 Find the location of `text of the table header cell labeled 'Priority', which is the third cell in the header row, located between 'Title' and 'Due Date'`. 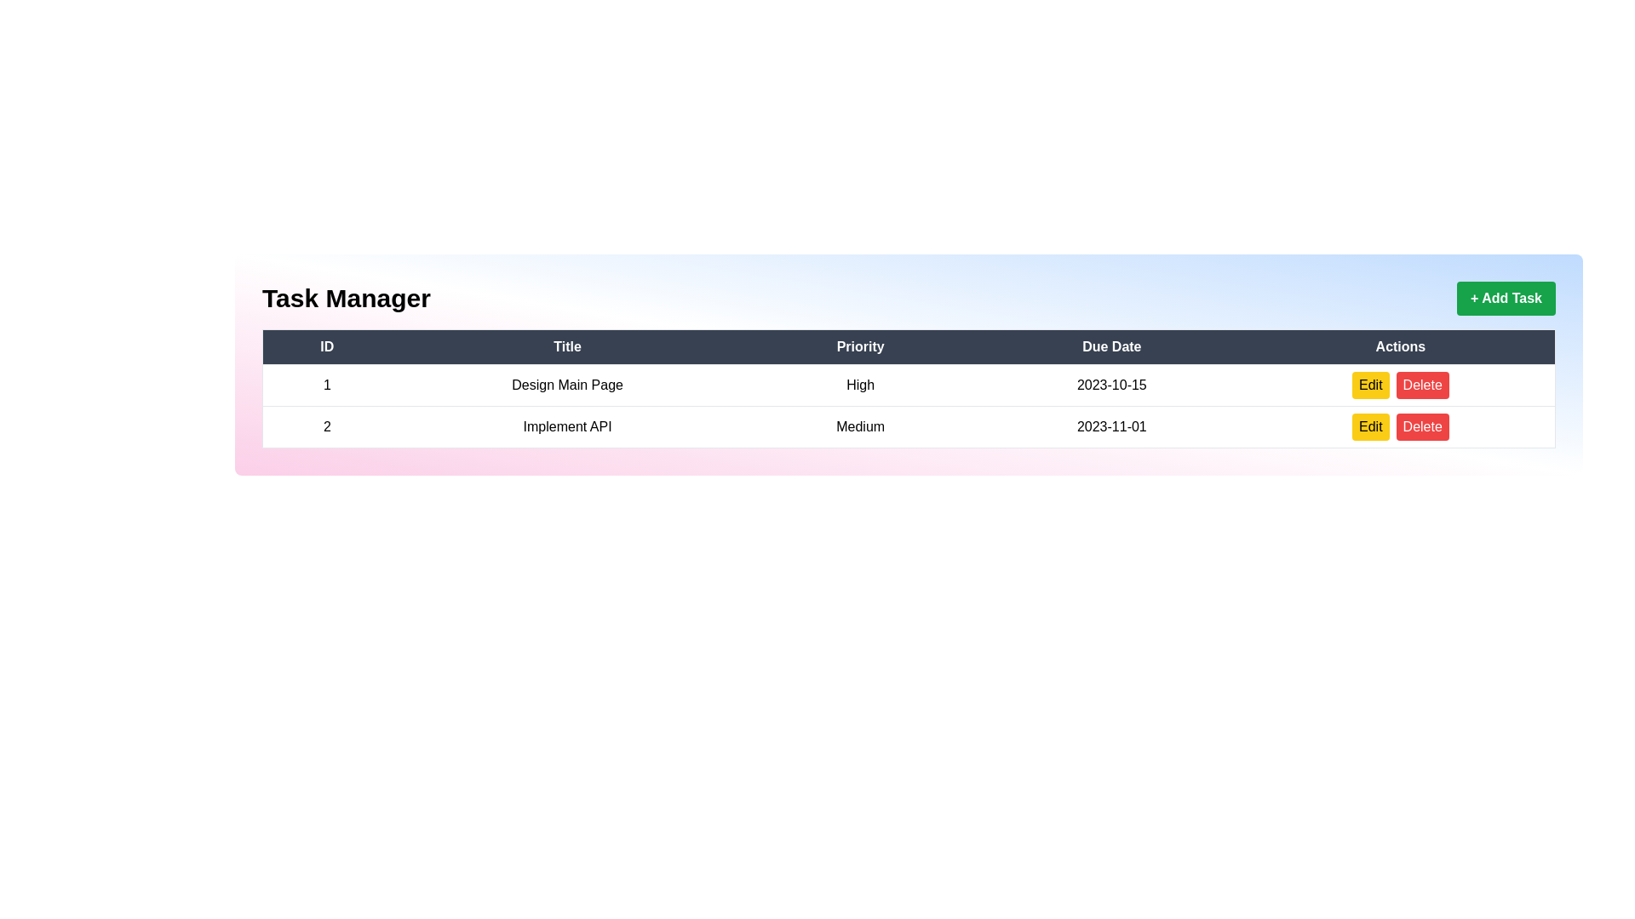

text of the table header cell labeled 'Priority', which is the third cell in the header row, located between 'Title' and 'Due Date' is located at coordinates (860, 346).